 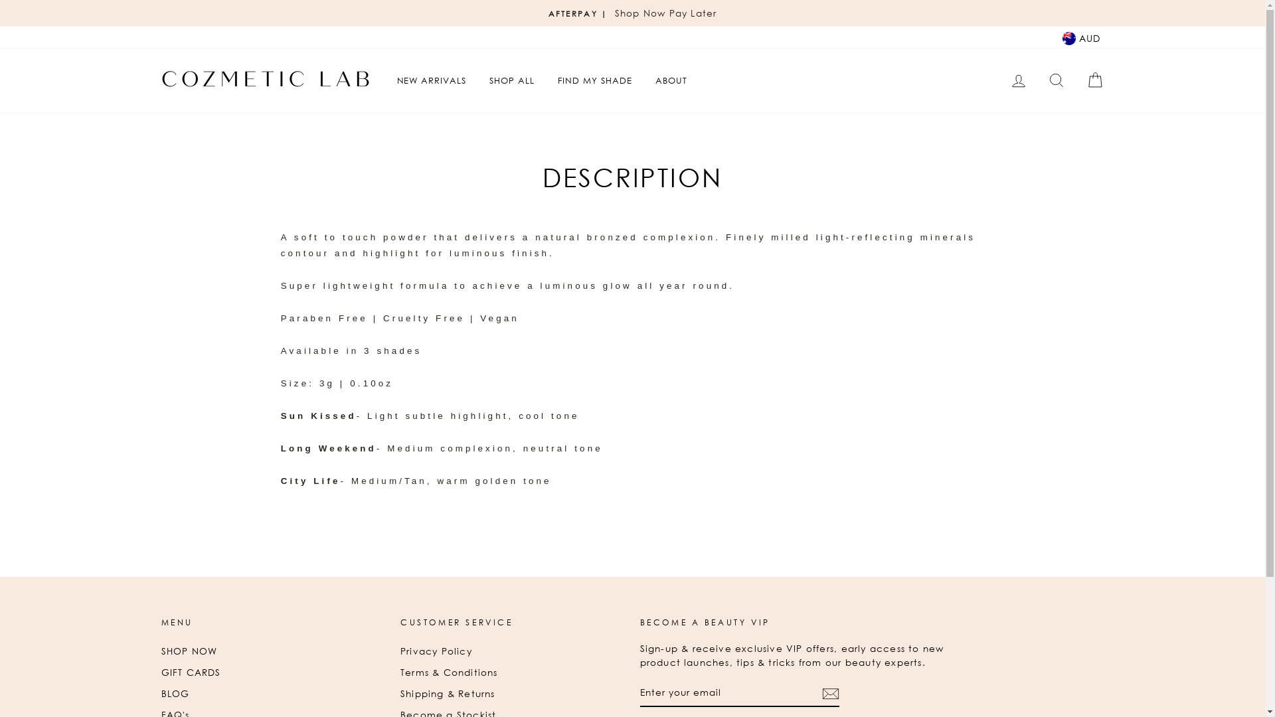 What do you see at coordinates (400, 693) in the screenshot?
I see `'Shipping & Returns'` at bounding box center [400, 693].